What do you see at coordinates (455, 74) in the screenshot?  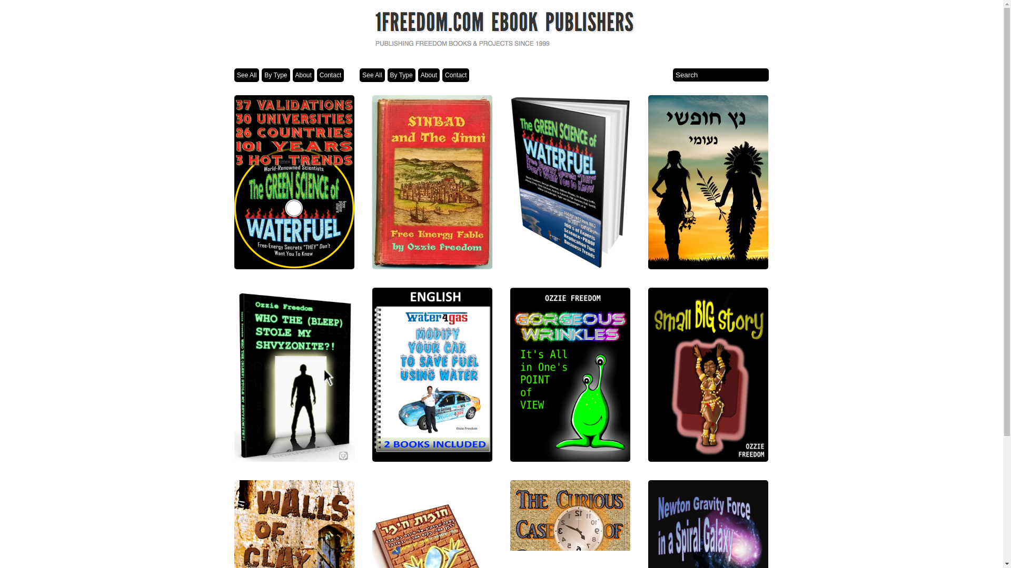 I see `'Contact'` at bounding box center [455, 74].